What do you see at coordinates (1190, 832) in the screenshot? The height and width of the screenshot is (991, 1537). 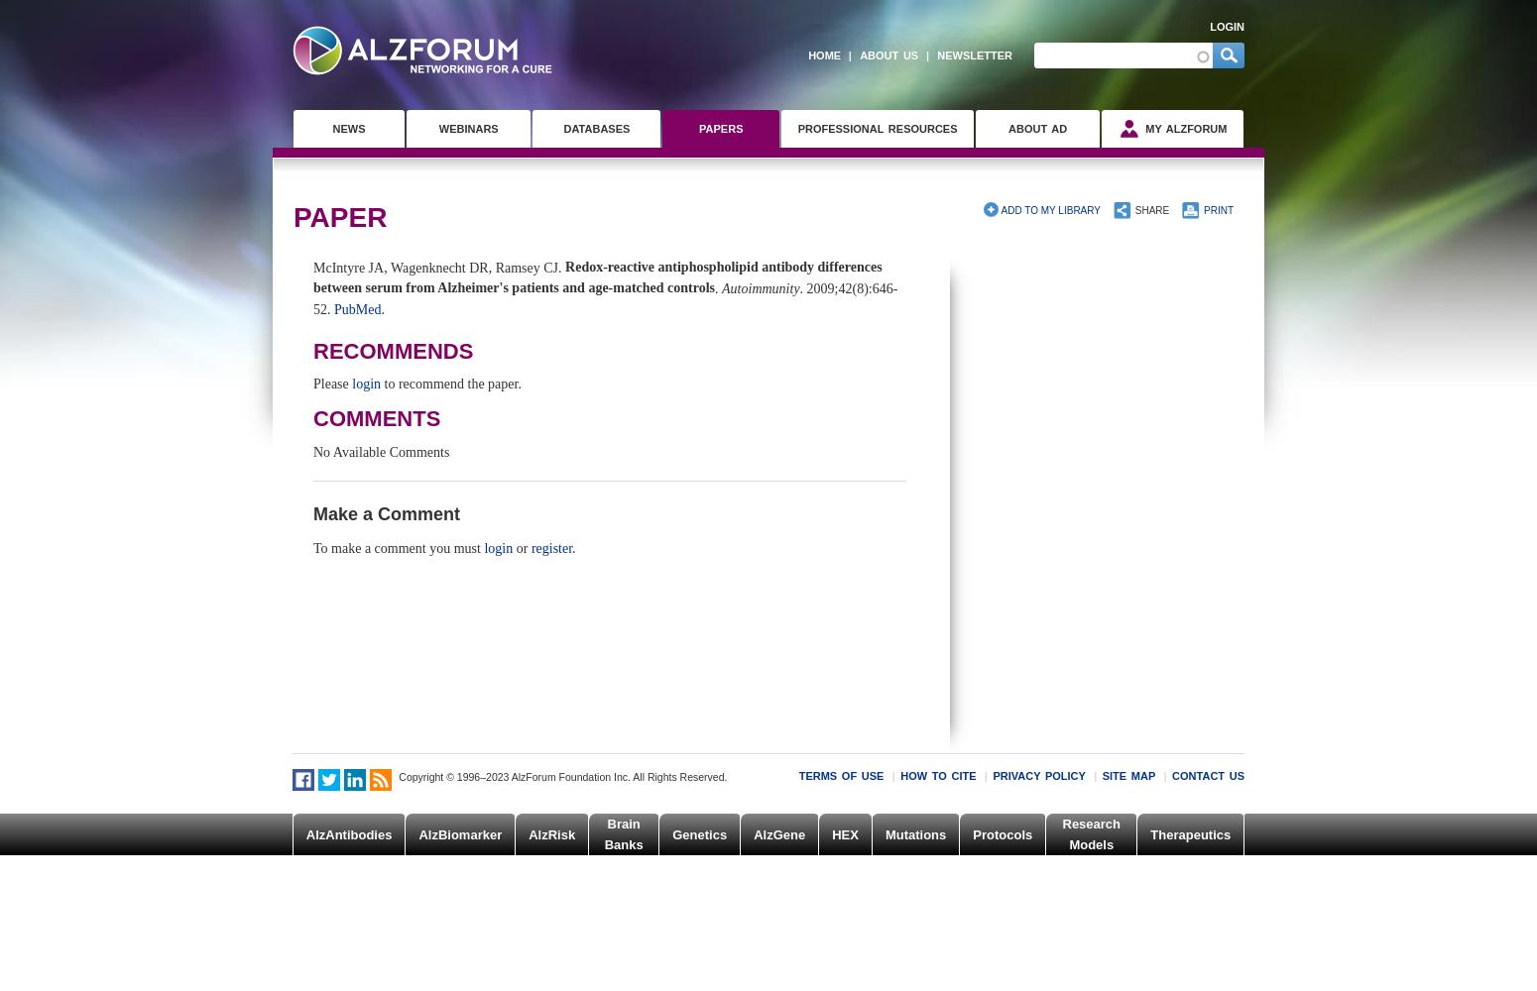 I see `'Therapeutics'` at bounding box center [1190, 832].